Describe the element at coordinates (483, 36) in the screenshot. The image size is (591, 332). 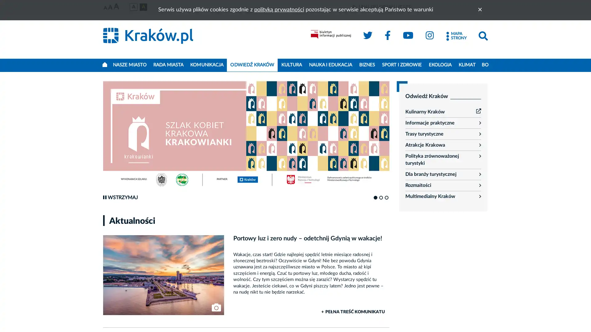
I see `Szukaj` at that location.